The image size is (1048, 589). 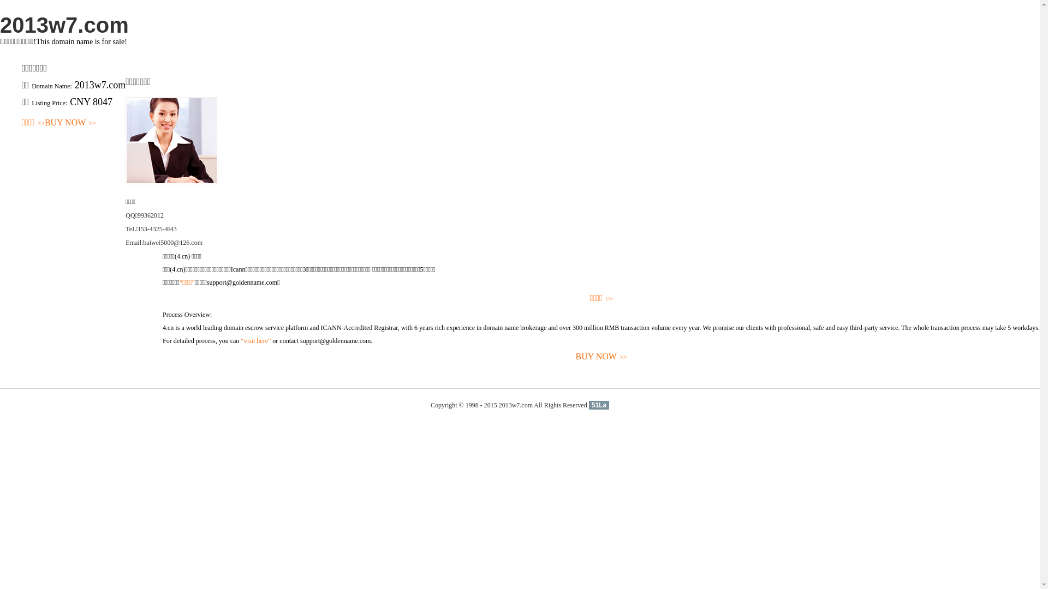 I want to click on 'BUY NOW>>', so click(x=70, y=123).